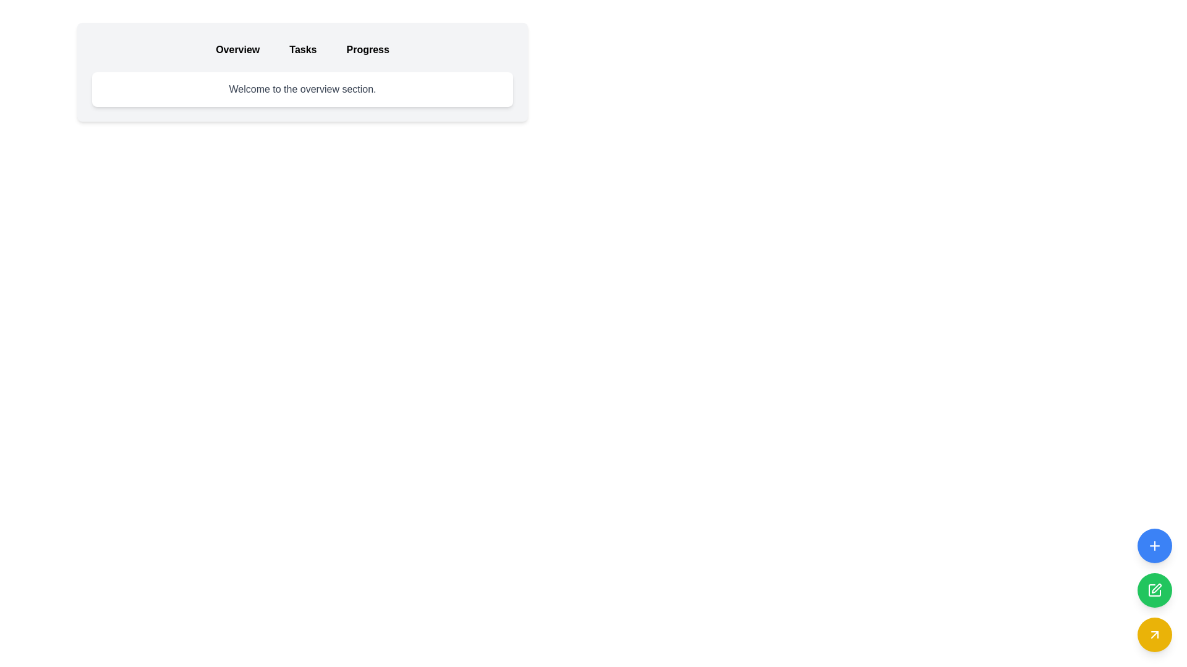 Image resolution: width=1187 pixels, height=667 pixels. Describe the element at coordinates (302, 49) in the screenshot. I see `the 'Tasks' item in the Navigation menu, which is the second of three items` at that location.